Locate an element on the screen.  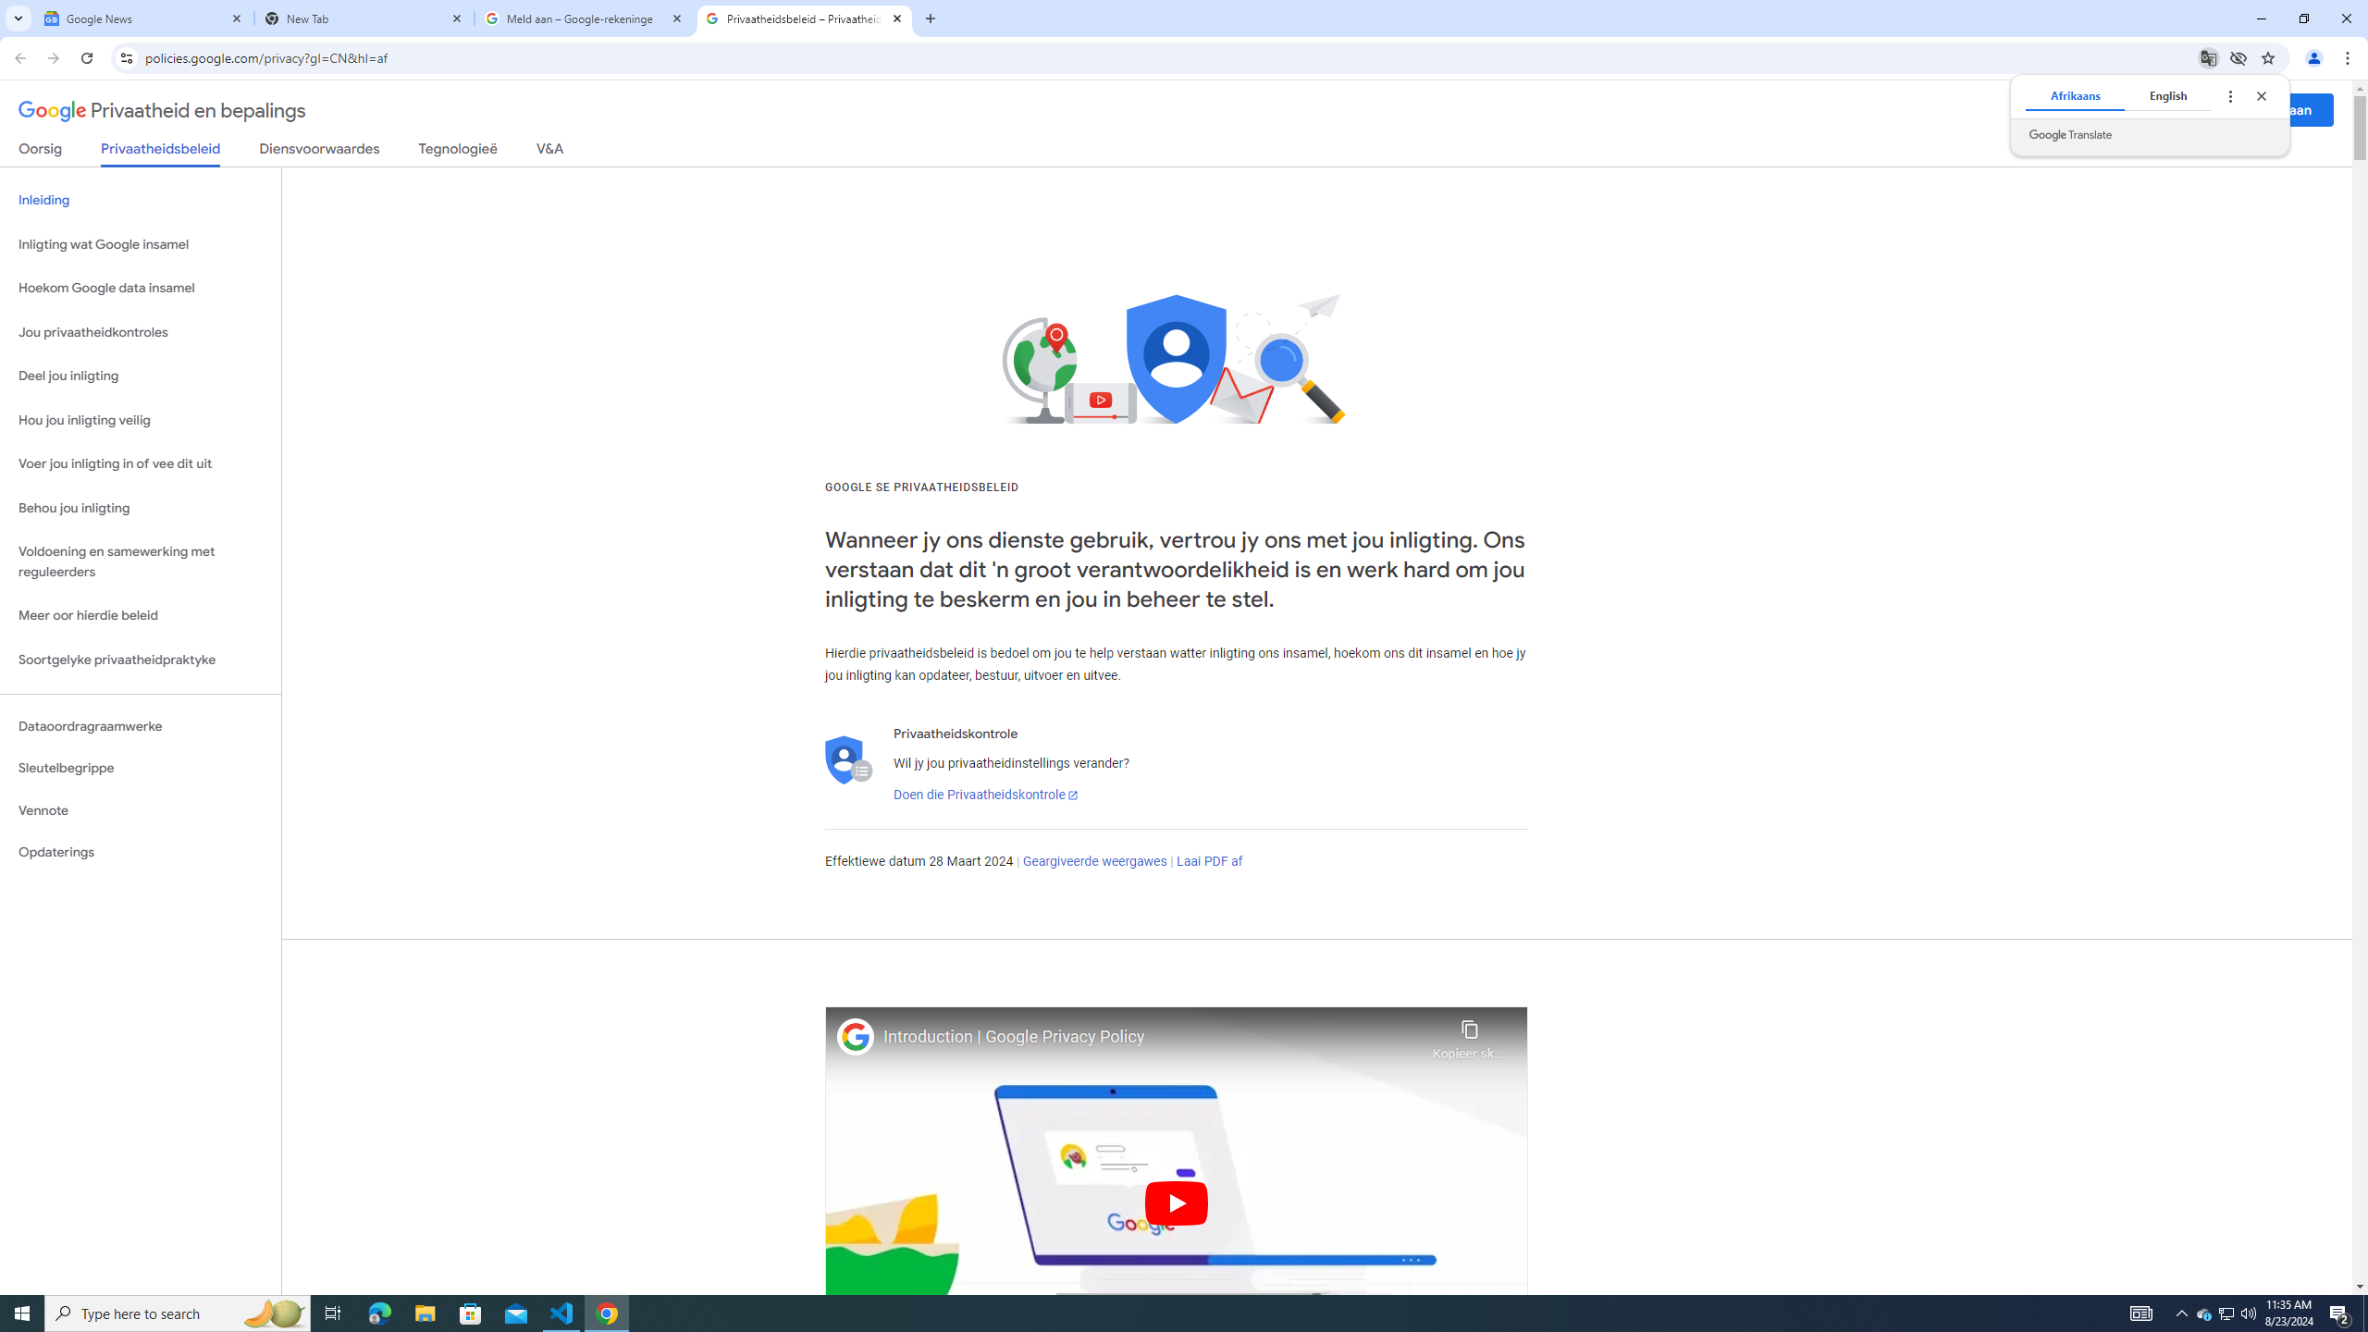
'English' is located at coordinates (2167, 95).